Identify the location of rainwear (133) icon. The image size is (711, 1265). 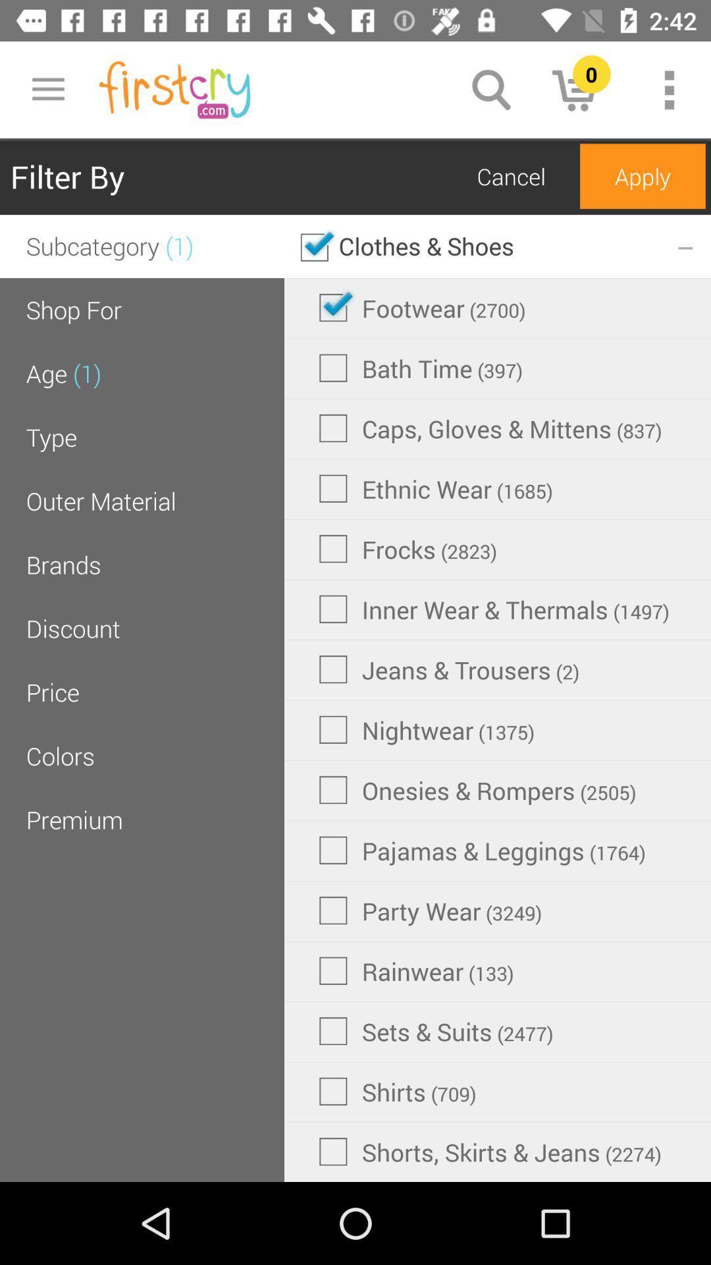
(416, 970).